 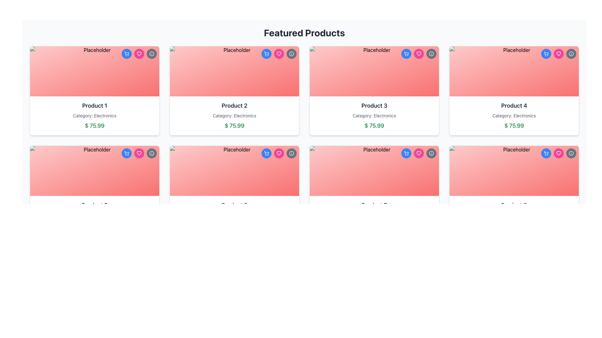 What do you see at coordinates (152, 153) in the screenshot?
I see `SVG Circle element located in the top-right section of the product card, which serves as a decorative icon within the icon group` at bounding box center [152, 153].